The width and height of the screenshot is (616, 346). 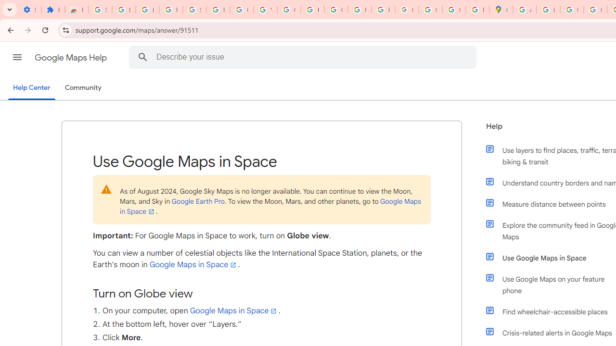 I want to click on 'Main menu', so click(x=17, y=57).